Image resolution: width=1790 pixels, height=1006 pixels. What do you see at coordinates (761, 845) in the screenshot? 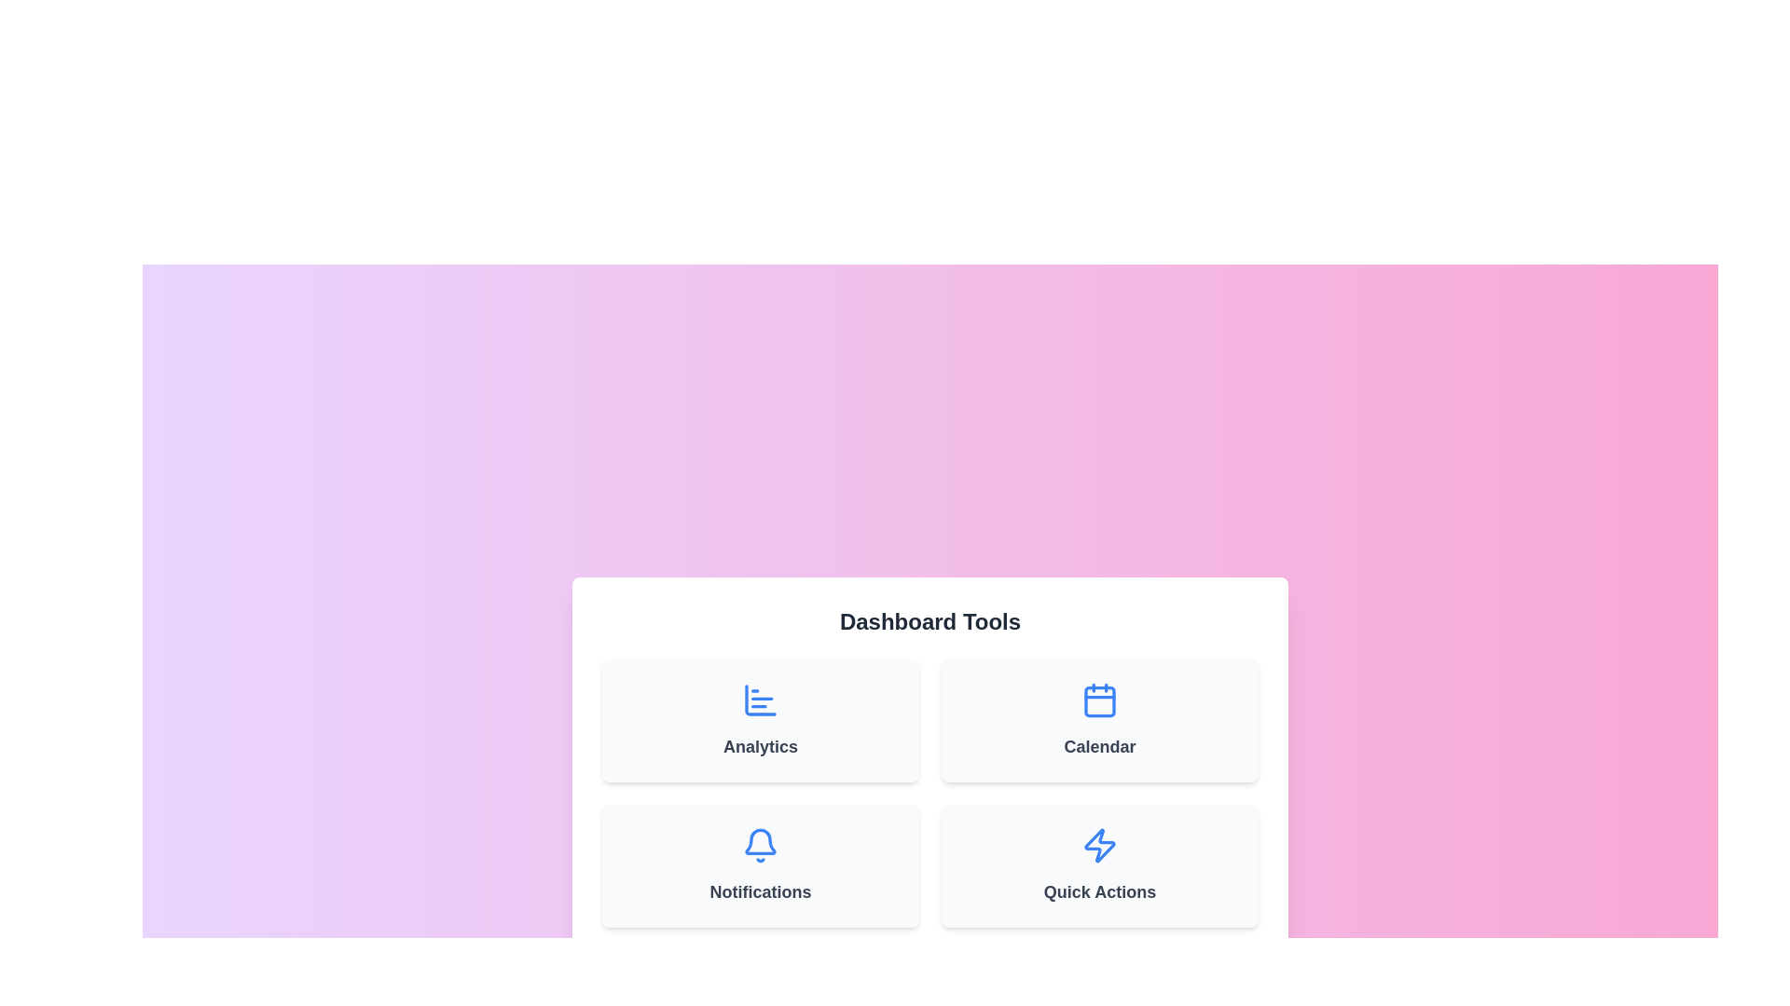
I see `the notifications icon located in the bottom-left card of the 2x2 grid layout under 'Dashboard Tools'` at bounding box center [761, 845].